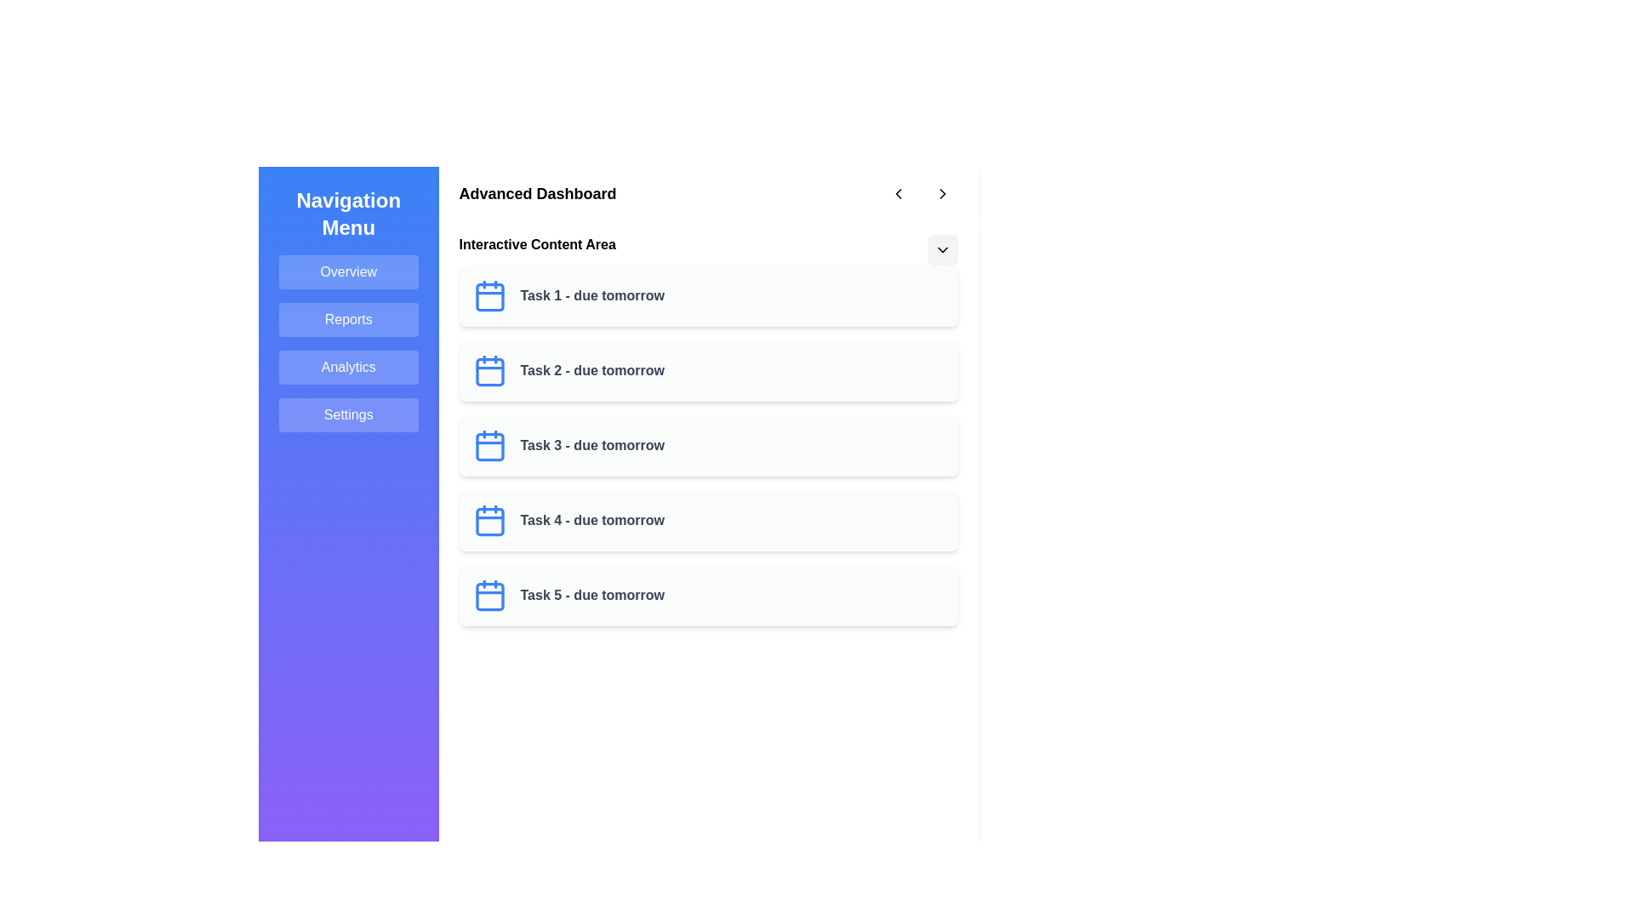  What do you see at coordinates (488, 520) in the screenshot?
I see `the icon located at the left side of the 'Task 4 - due tomorrow' item in the fourth row of the Advanced Dashboard to indicate its relation to a date or deadline` at bounding box center [488, 520].